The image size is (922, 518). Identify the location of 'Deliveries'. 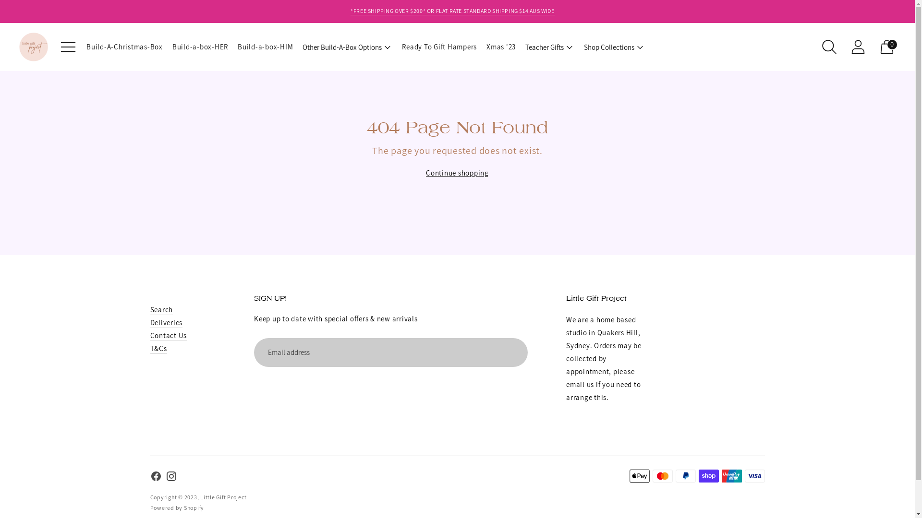
(166, 322).